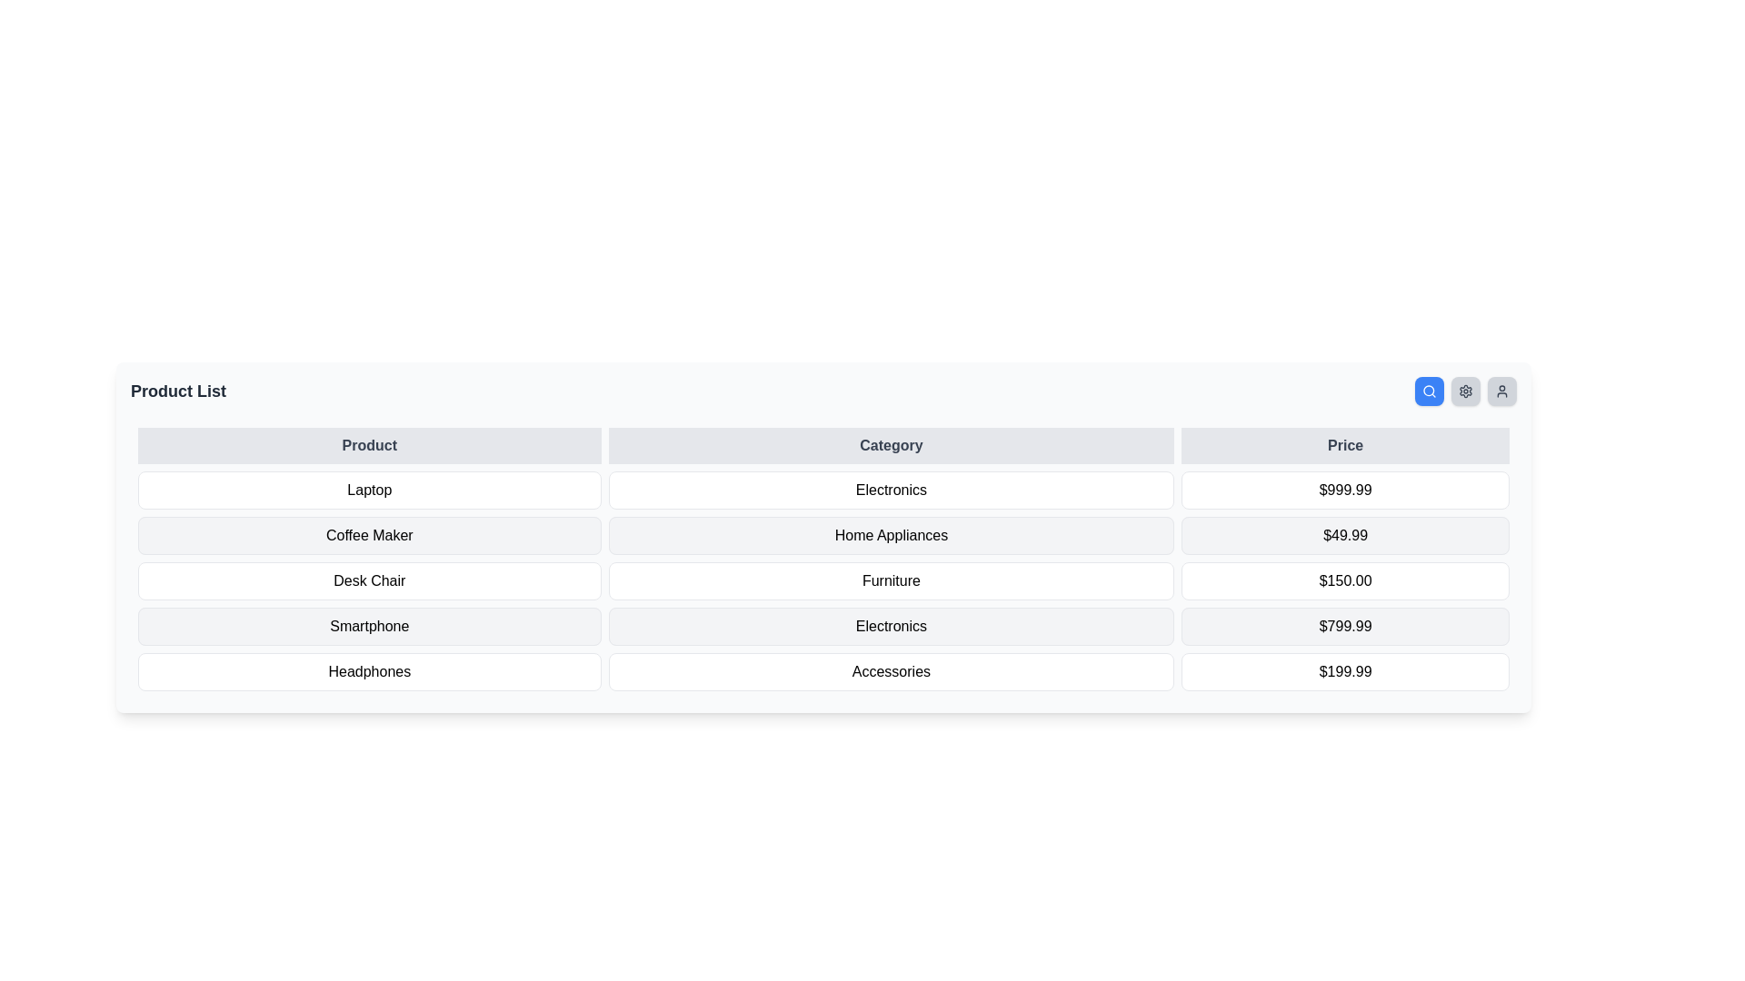  Describe the element at coordinates (823, 581) in the screenshot. I see `the table row displaying 'Desk Chair' in the first column, 'Furniture' in the second column, and '$150.00' in the third column` at that location.